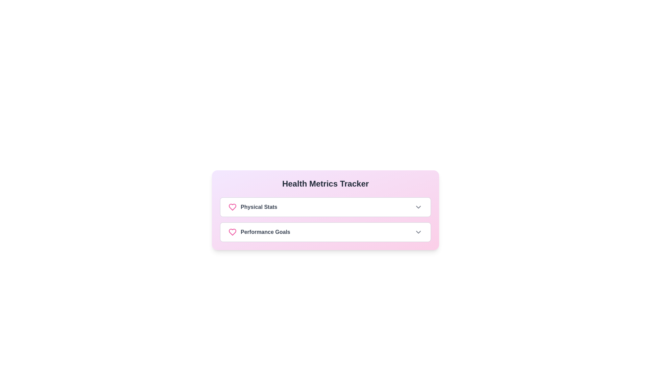 Image resolution: width=649 pixels, height=365 pixels. I want to click on the button labeled 'Performance Goals' to expand or collapse its details, so click(326, 232).